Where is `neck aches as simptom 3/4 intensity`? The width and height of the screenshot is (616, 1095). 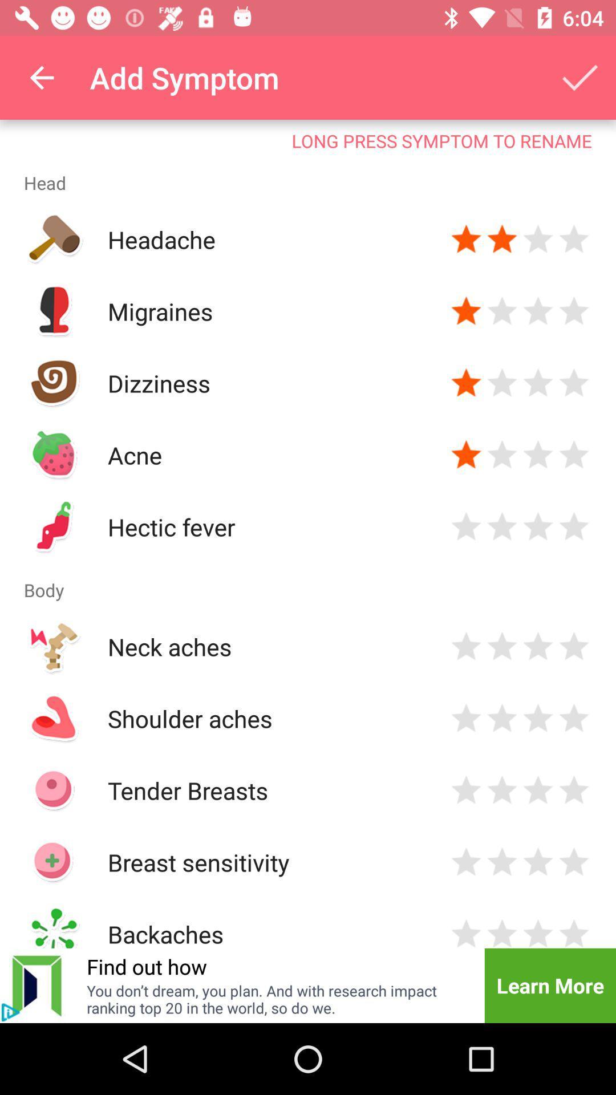 neck aches as simptom 3/4 intensity is located at coordinates (538, 646).